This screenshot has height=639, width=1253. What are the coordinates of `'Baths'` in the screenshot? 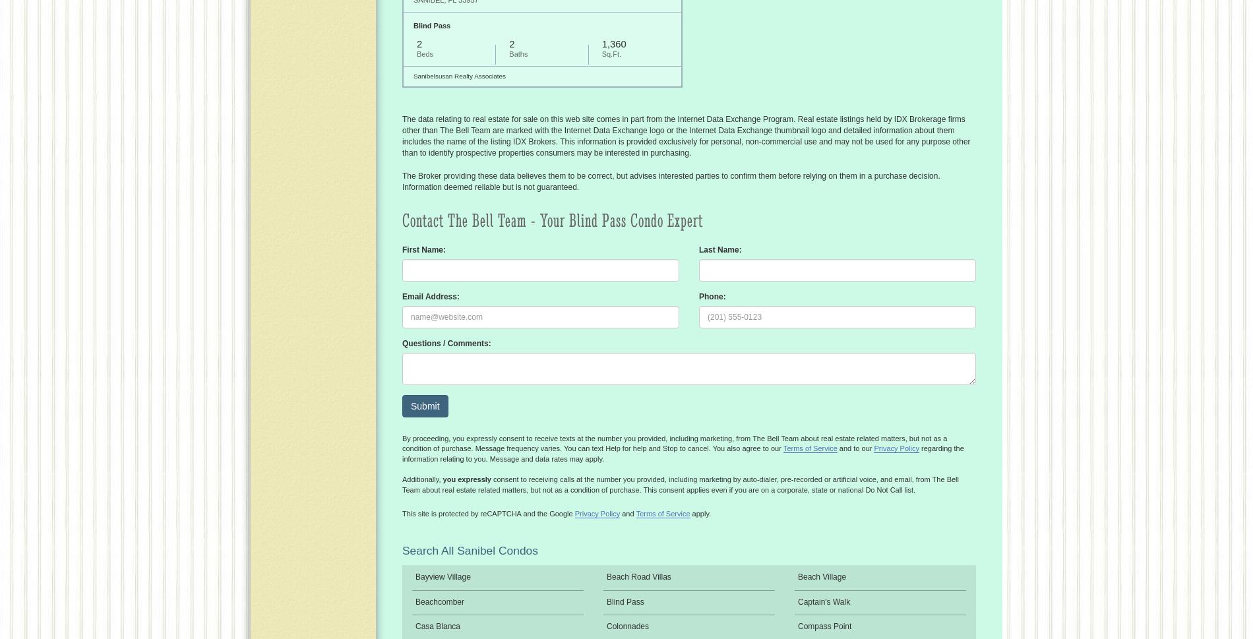 It's located at (508, 53).